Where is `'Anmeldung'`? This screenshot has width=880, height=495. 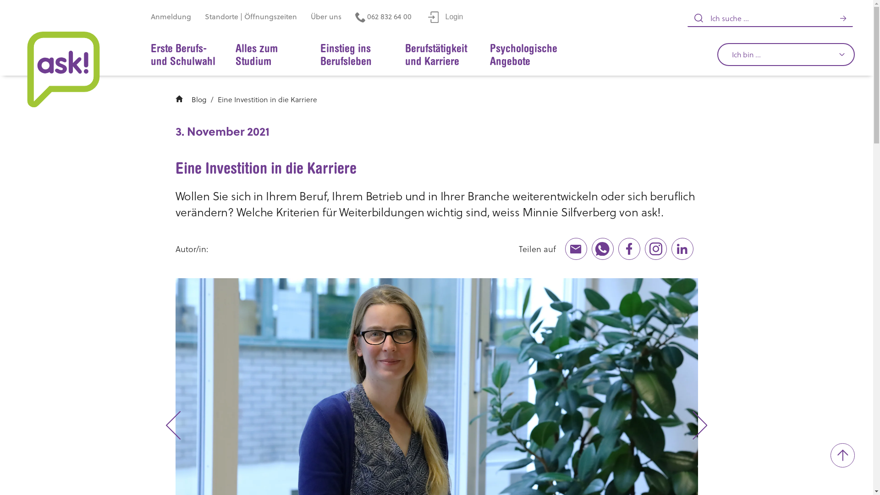 'Anmeldung' is located at coordinates (171, 17).